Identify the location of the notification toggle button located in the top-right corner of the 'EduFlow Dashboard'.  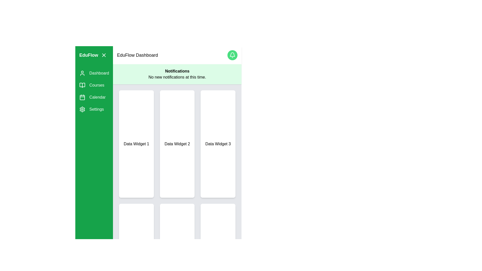
(232, 55).